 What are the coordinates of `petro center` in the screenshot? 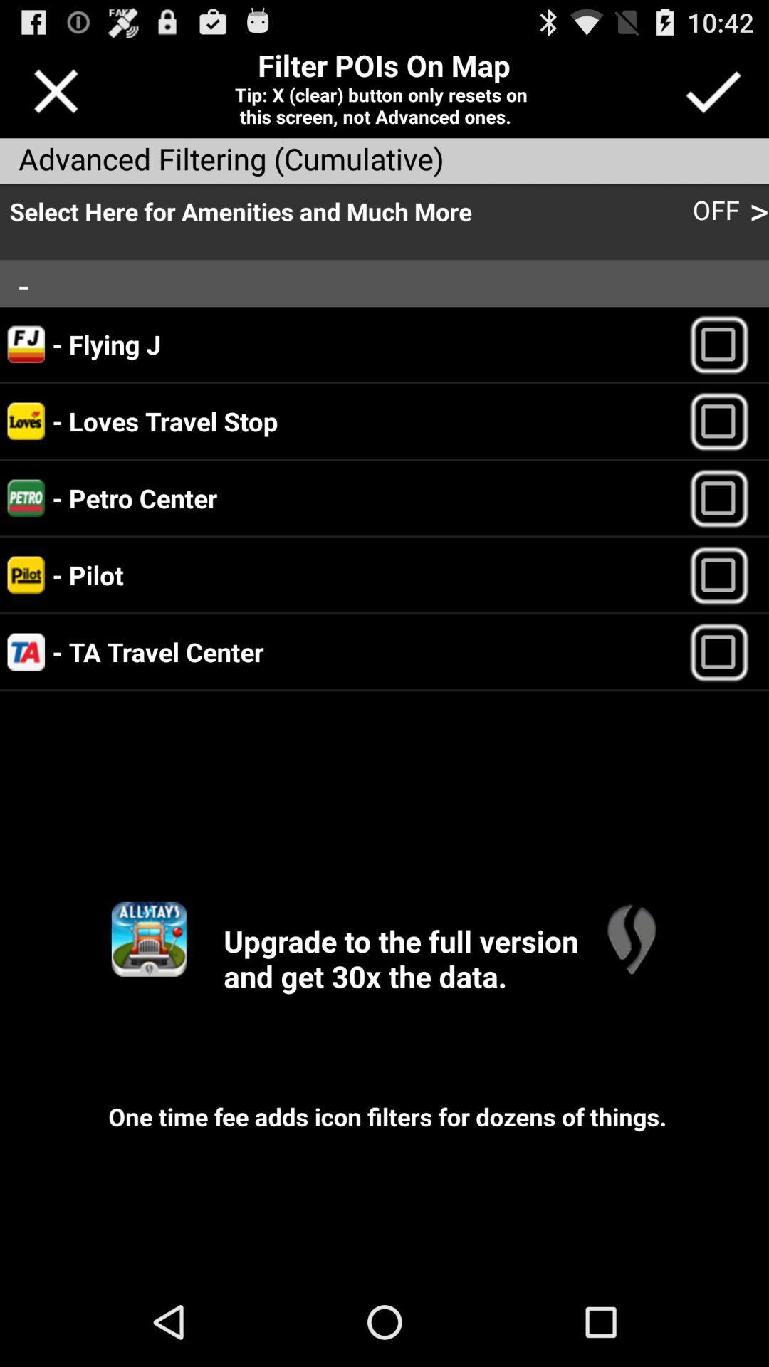 It's located at (726, 498).